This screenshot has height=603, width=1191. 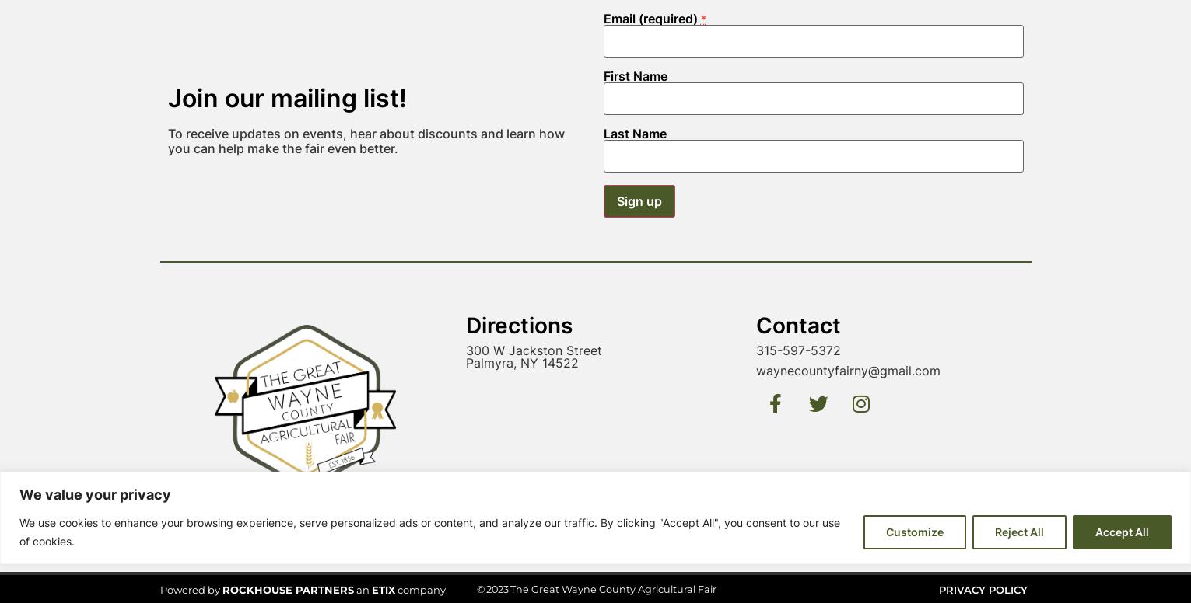 I want to click on 'The Great Wayne County Agricultural Fair', so click(x=611, y=372).